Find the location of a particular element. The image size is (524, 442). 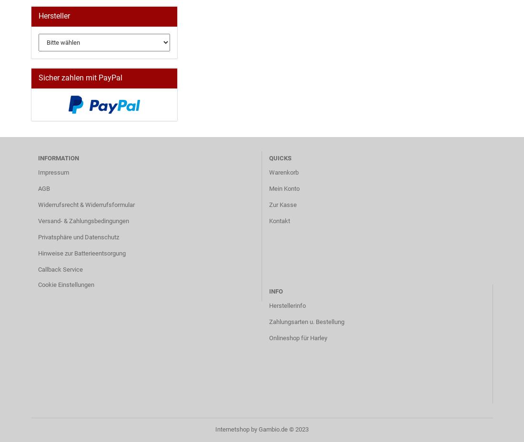

'by Gambio.de © 2023' is located at coordinates (278, 429).